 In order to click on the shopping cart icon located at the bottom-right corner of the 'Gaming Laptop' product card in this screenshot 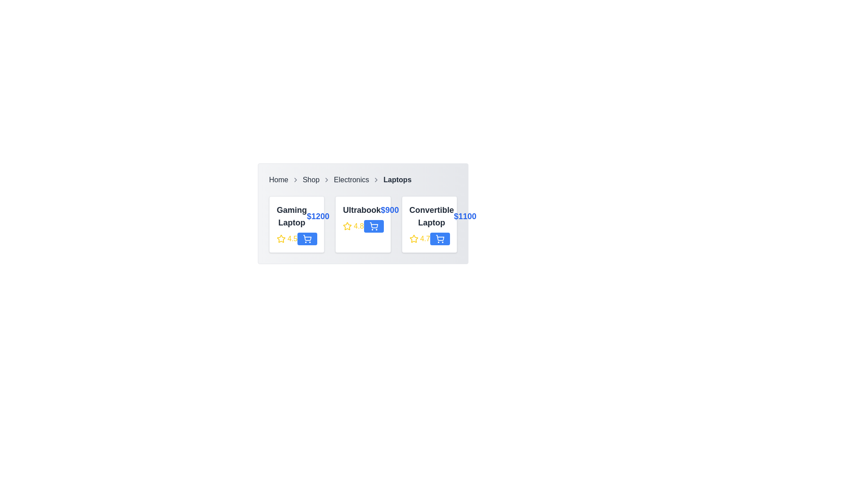, I will do `click(307, 237)`.